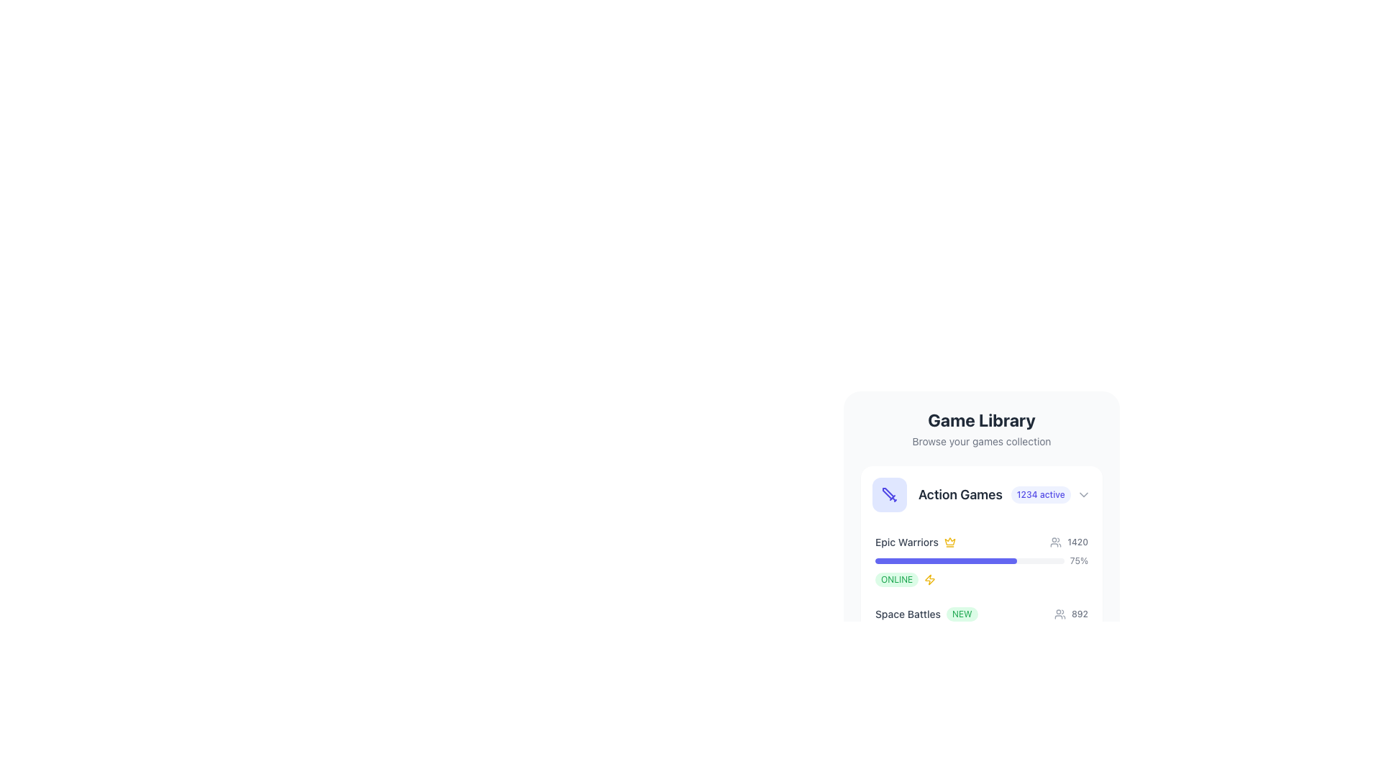 This screenshot has width=1381, height=777. I want to click on the progress level indicated by the horizontally oriented progress bar filled to 75% with an indigo color, alongside the text '75%', so click(970, 560).